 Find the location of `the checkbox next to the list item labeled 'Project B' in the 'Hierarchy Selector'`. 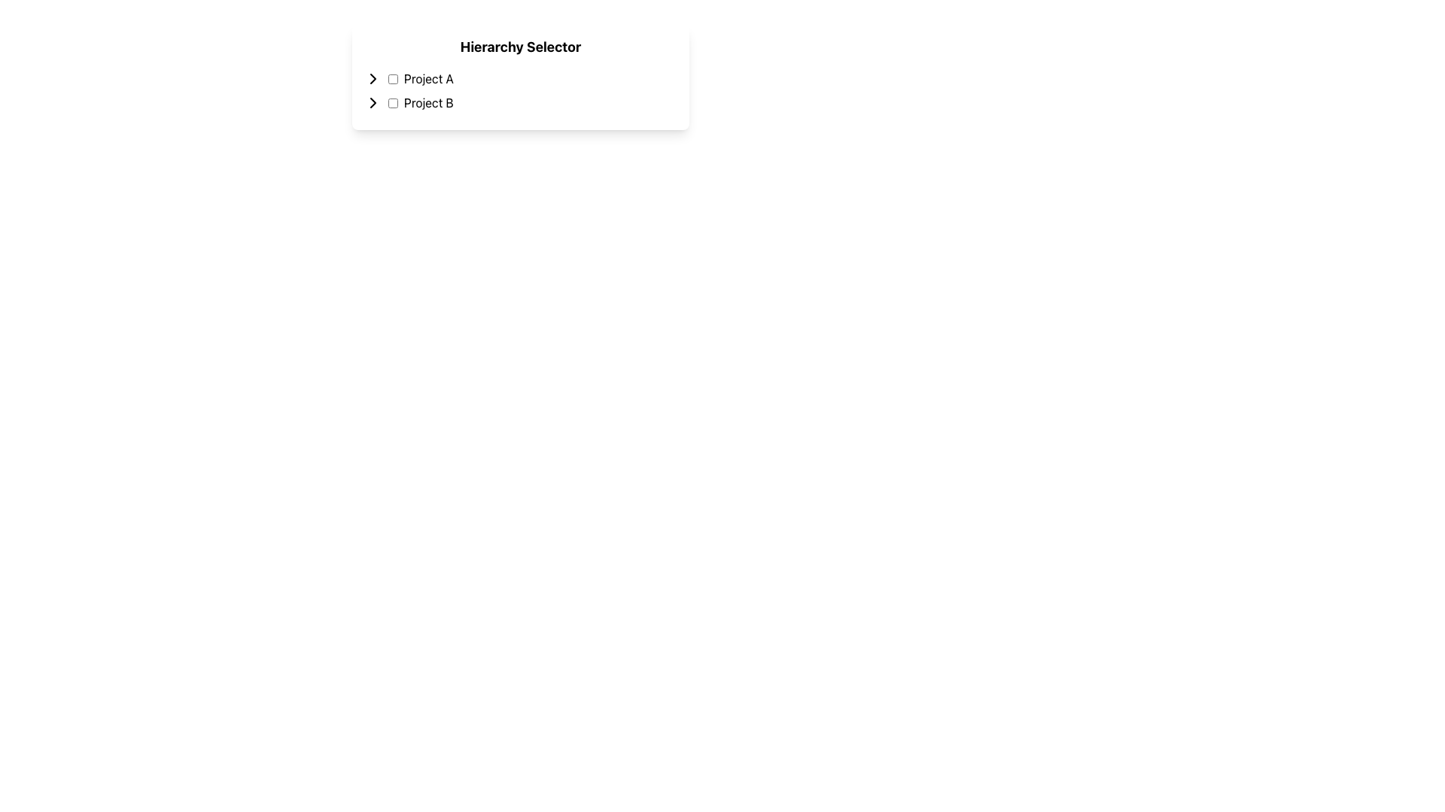

the checkbox next to the list item labeled 'Project B' in the 'Hierarchy Selector' is located at coordinates (520, 102).